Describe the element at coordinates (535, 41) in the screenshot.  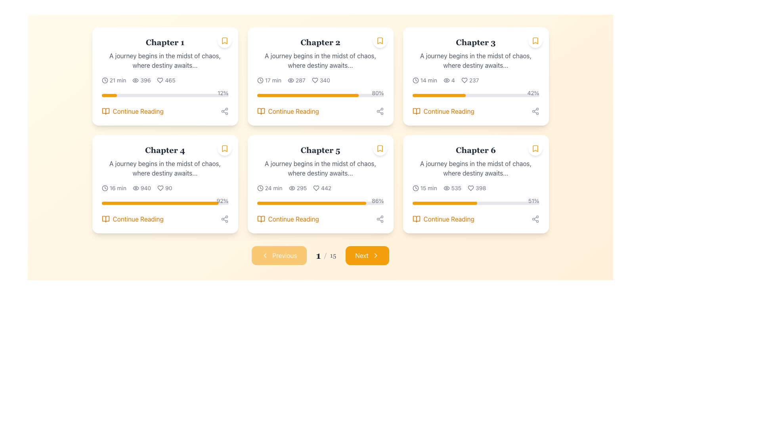
I see `the bookmark icon located in the top-right corner of the 'Chapter 3' card` at that location.